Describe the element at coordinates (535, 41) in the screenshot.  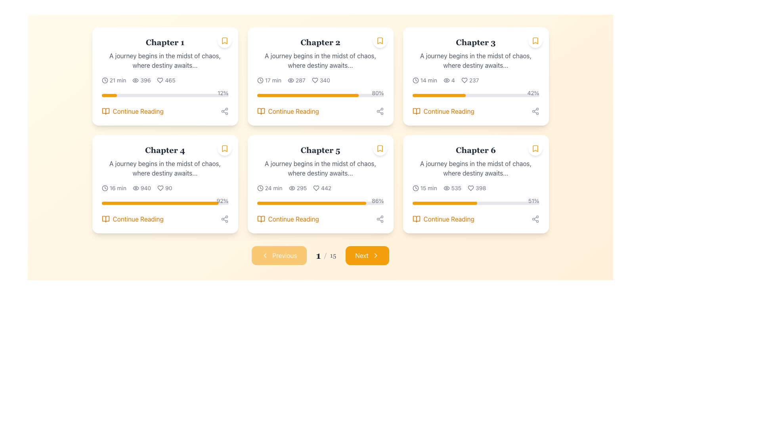
I see `the bookmark icon located in the top-right corner of the 'Chapter 3' card` at that location.